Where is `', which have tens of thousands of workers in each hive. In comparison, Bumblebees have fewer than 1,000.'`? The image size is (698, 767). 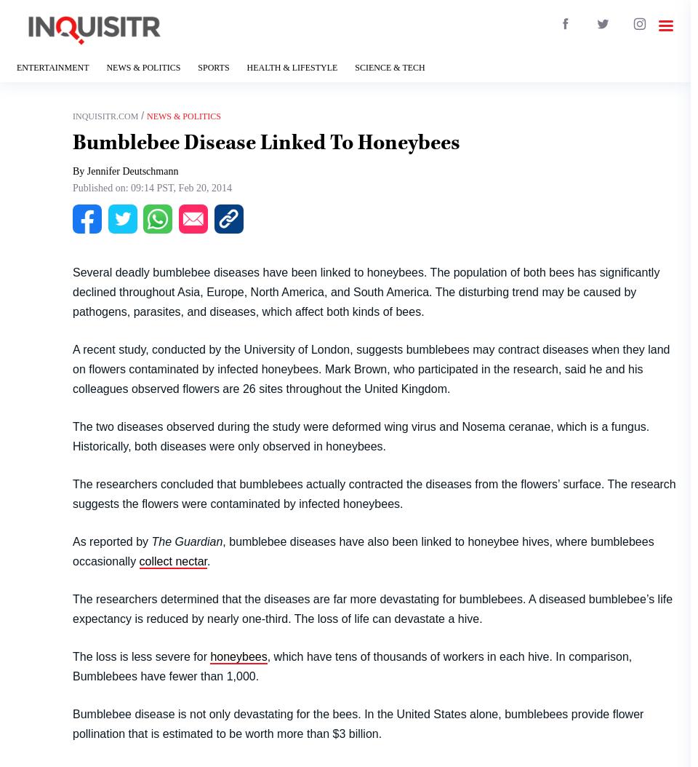 ', which have tens of thousands of workers in each hive. In comparison, Bumblebees have fewer than 1,000.' is located at coordinates (351, 664).